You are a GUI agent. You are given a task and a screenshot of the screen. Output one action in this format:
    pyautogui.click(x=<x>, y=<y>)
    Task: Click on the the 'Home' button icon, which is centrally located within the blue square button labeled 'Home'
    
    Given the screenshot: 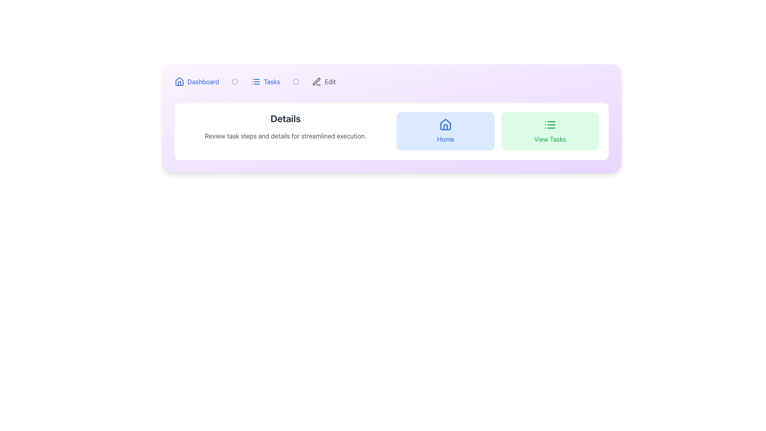 What is the action you would take?
    pyautogui.click(x=445, y=125)
    